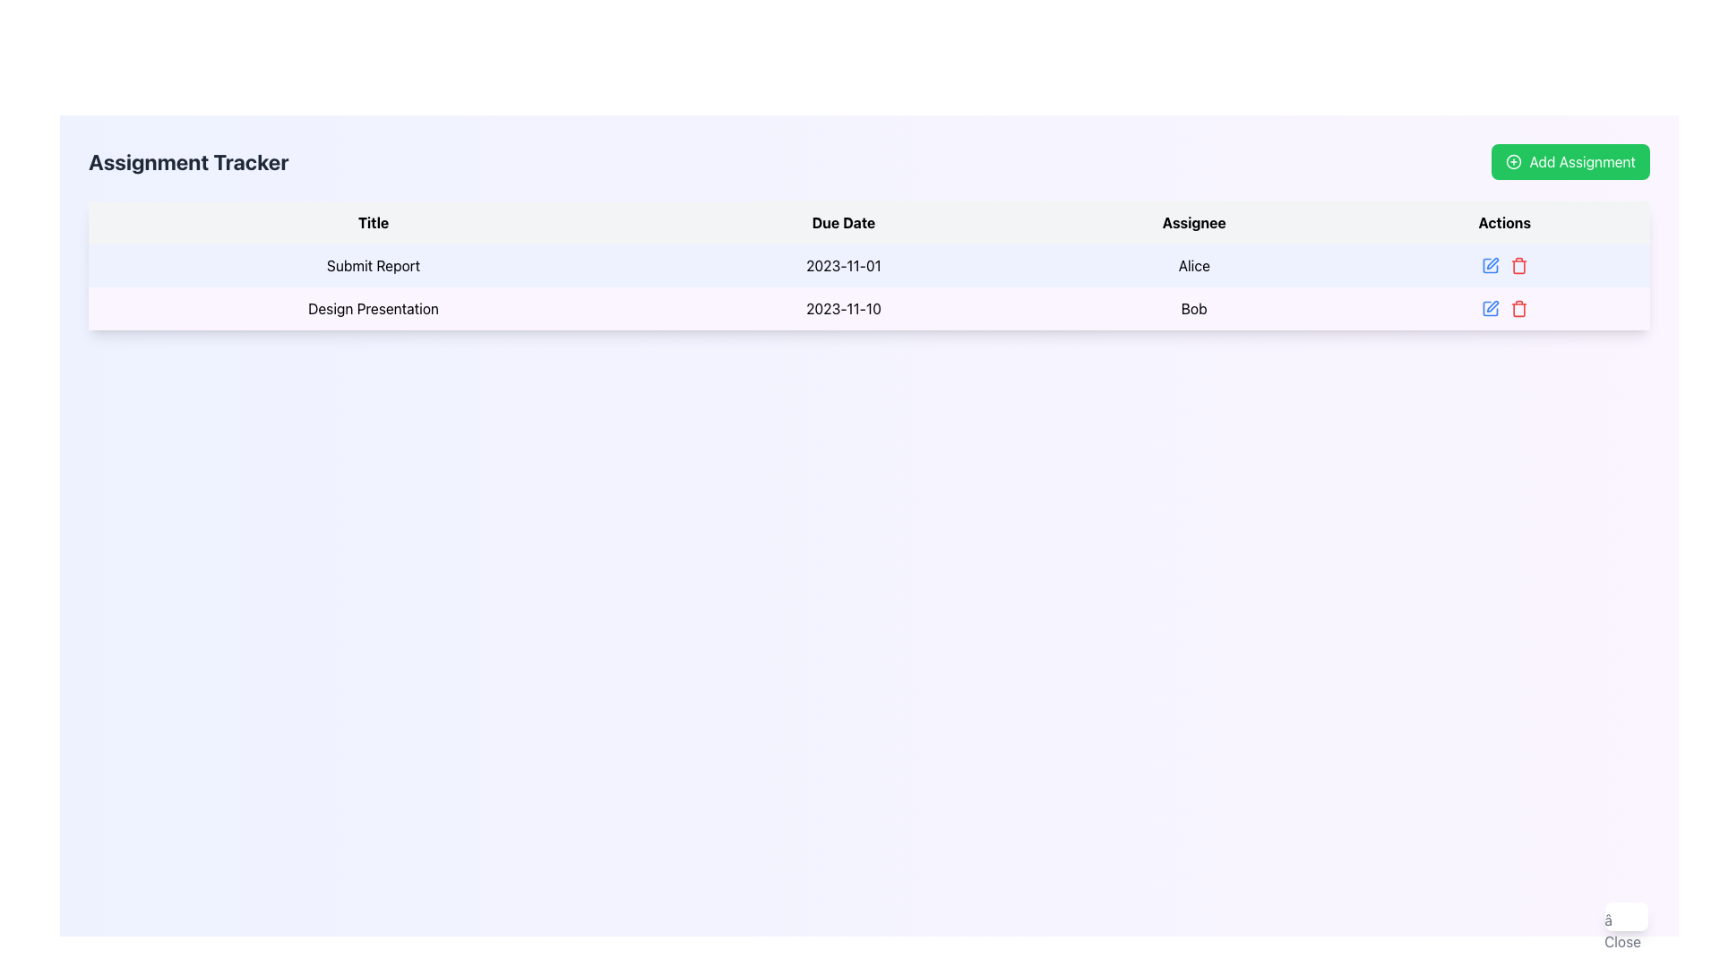 This screenshot has height=967, width=1720. Describe the element at coordinates (1569, 162) in the screenshot. I see `the button located at the top-right corner of the 'Assignment Tracker' header` at that location.